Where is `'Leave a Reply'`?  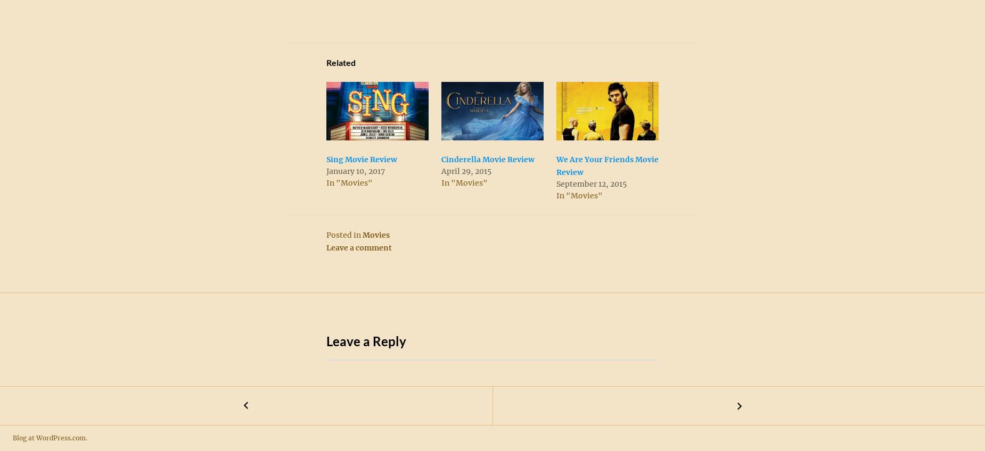 'Leave a Reply' is located at coordinates (366, 340).